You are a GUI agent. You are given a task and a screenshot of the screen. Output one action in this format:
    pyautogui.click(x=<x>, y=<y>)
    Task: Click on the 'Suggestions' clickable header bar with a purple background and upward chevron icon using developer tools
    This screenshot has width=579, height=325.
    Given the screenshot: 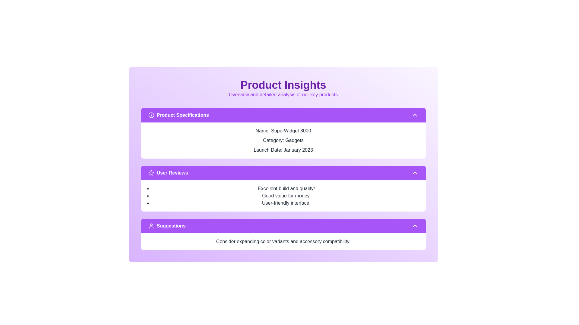 What is the action you would take?
    pyautogui.click(x=283, y=226)
    